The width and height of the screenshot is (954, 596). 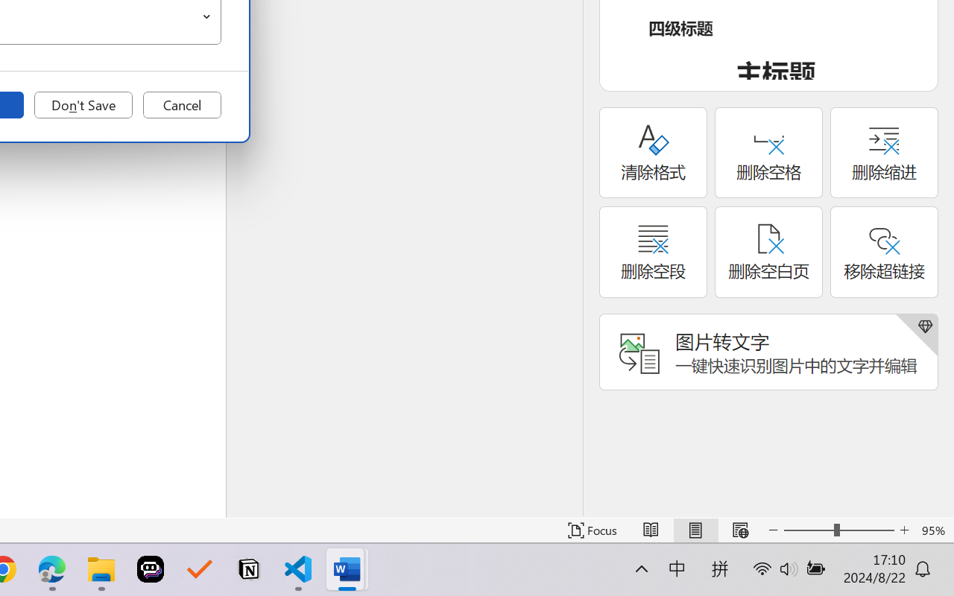 I want to click on 'Zoom 95%', so click(x=933, y=530).